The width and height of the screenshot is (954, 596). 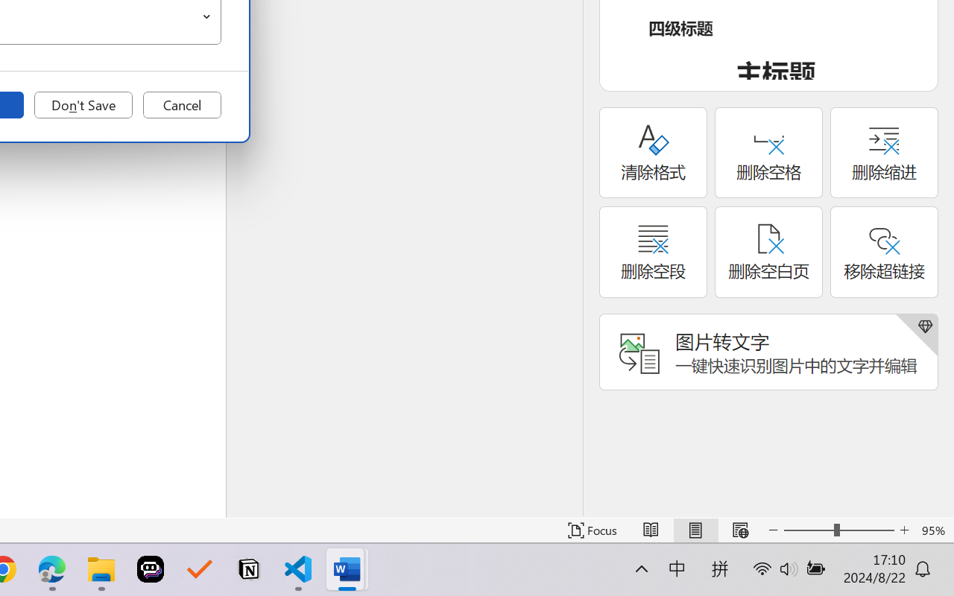 I want to click on 'Zoom 95%', so click(x=933, y=530).